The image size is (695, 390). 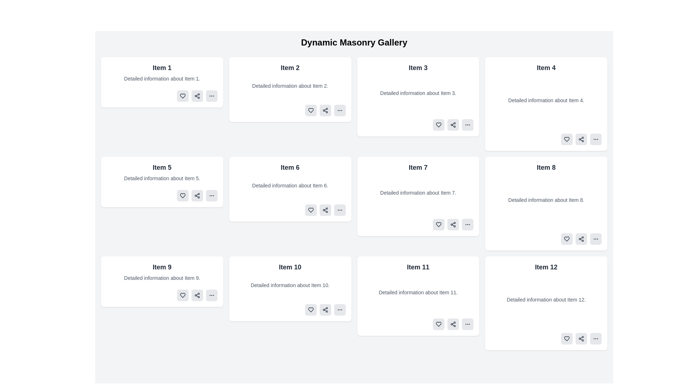 What do you see at coordinates (438, 125) in the screenshot?
I see `the heart-shaped icon representing the 'like' action located at the bottom-right corner of the panel for 'Item 3'` at bounding box center [438, 125].